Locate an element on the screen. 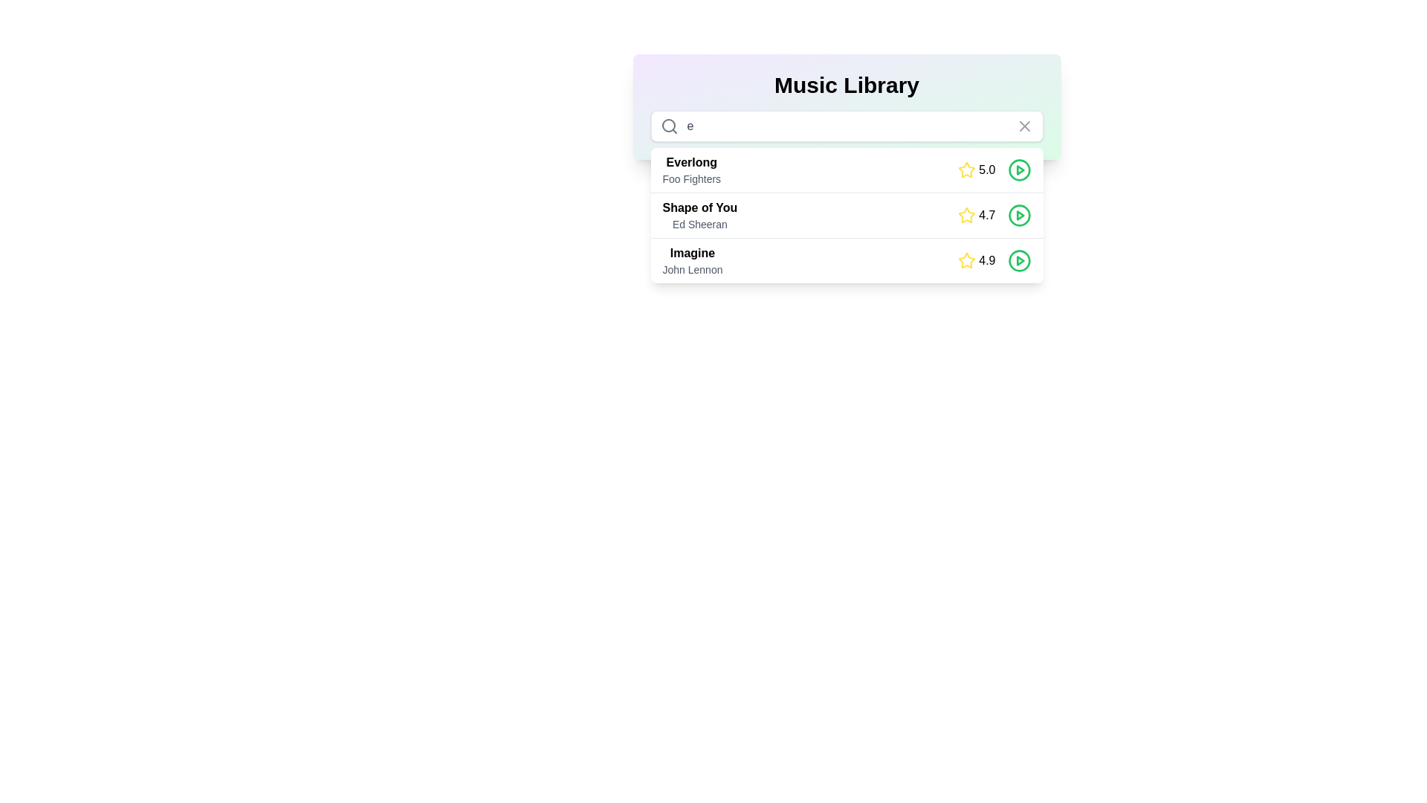 The height and width of the screenshot is (803, 1427). the rating icon located to the left of the text label '4.7' for the song 'Shape of You' by Ed Sheeran is located at coordinates (967, 215).